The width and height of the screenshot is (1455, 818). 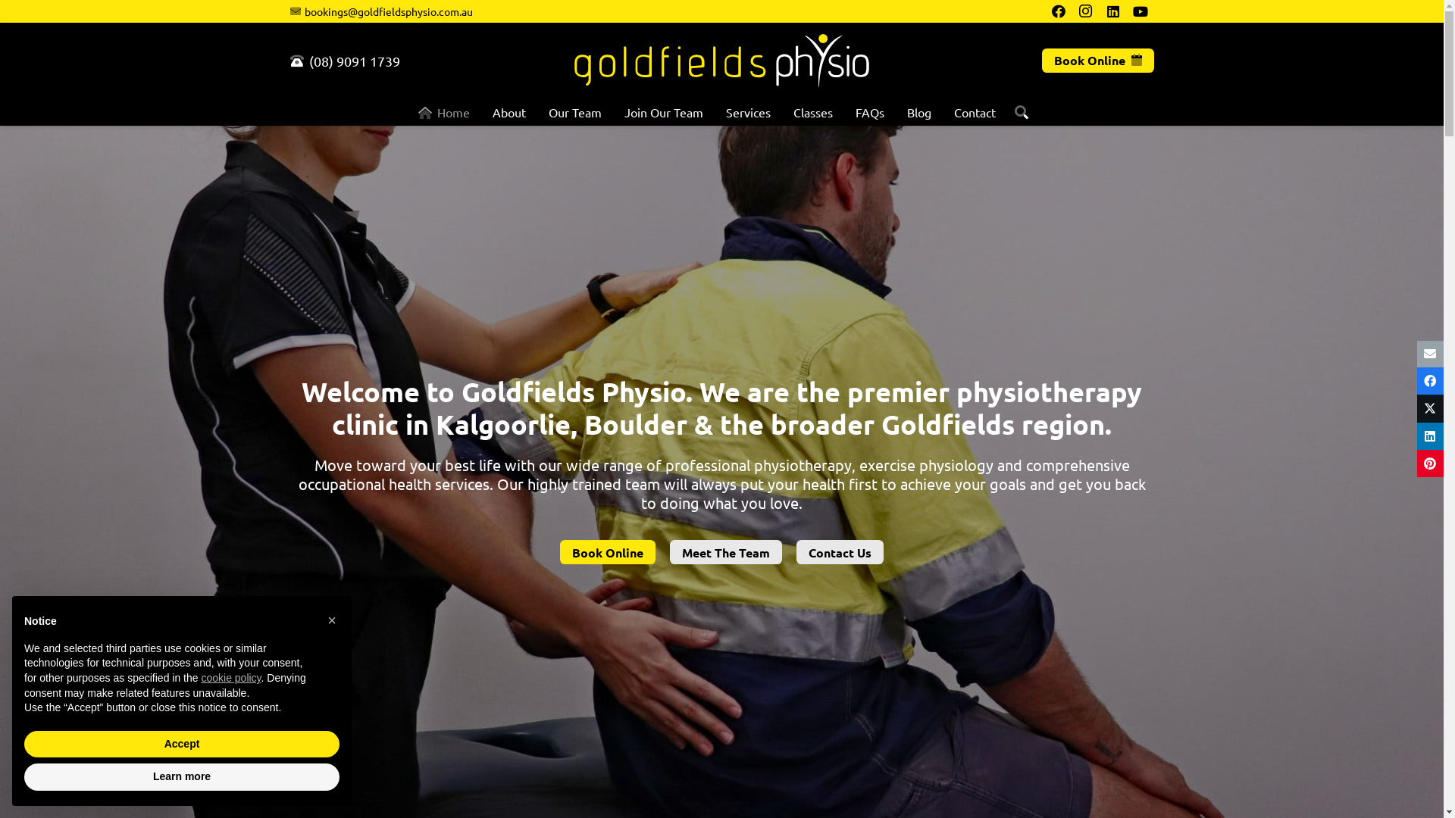 What do you see at coordinates (748, 111) in the screenshot?
I see `'Services'` at bounding box center [748, 111].